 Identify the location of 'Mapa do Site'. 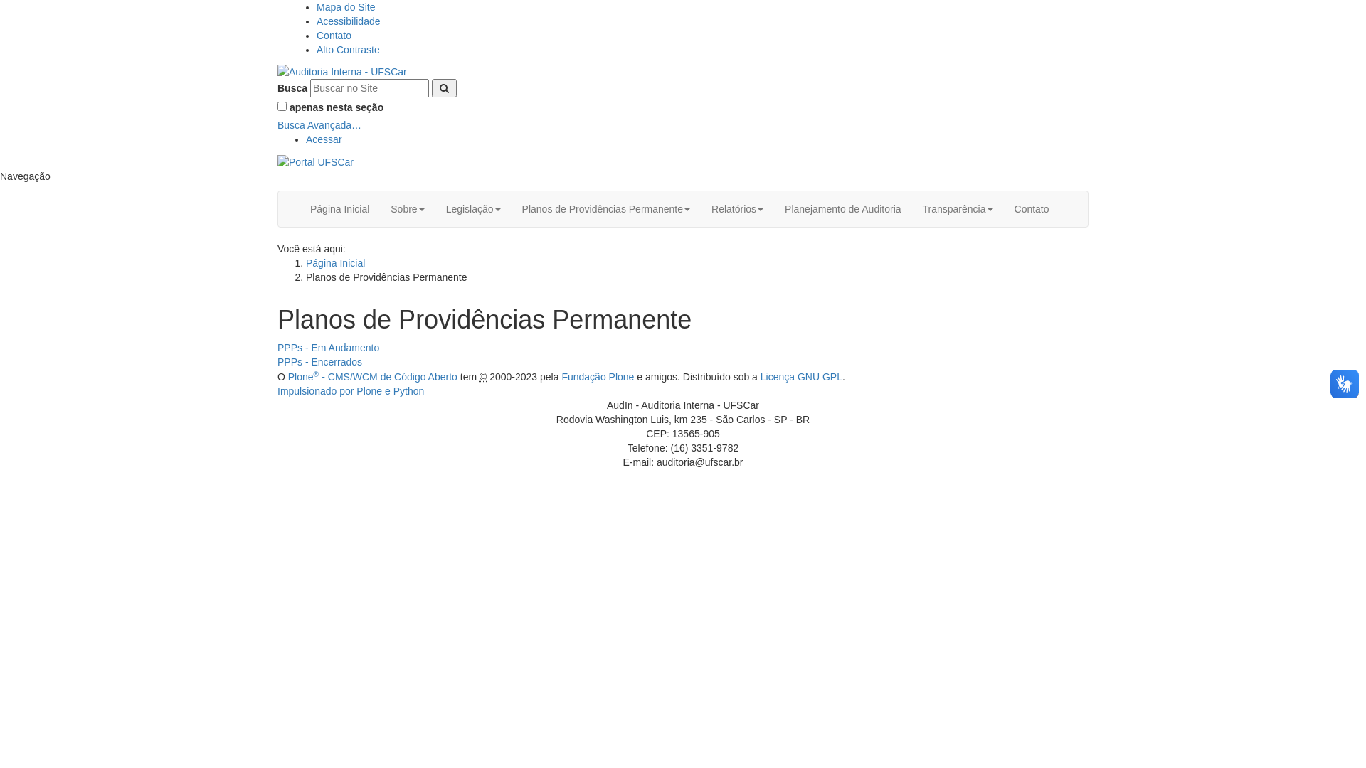
(346, 7).